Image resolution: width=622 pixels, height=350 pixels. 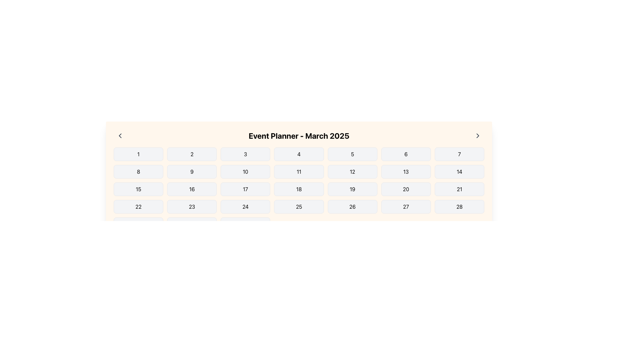 I want to click on the Calendar Date Cell representing the day '28', so click(x=459, y=206).